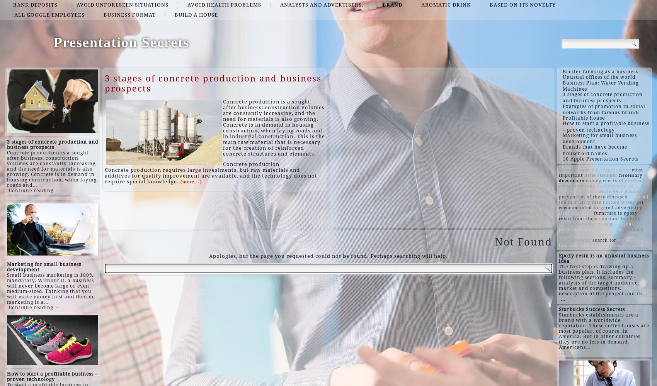  What do you see at coordinates (625, 240) in the screenshot?
I see `'we are'` at bounding box center [625, 240].